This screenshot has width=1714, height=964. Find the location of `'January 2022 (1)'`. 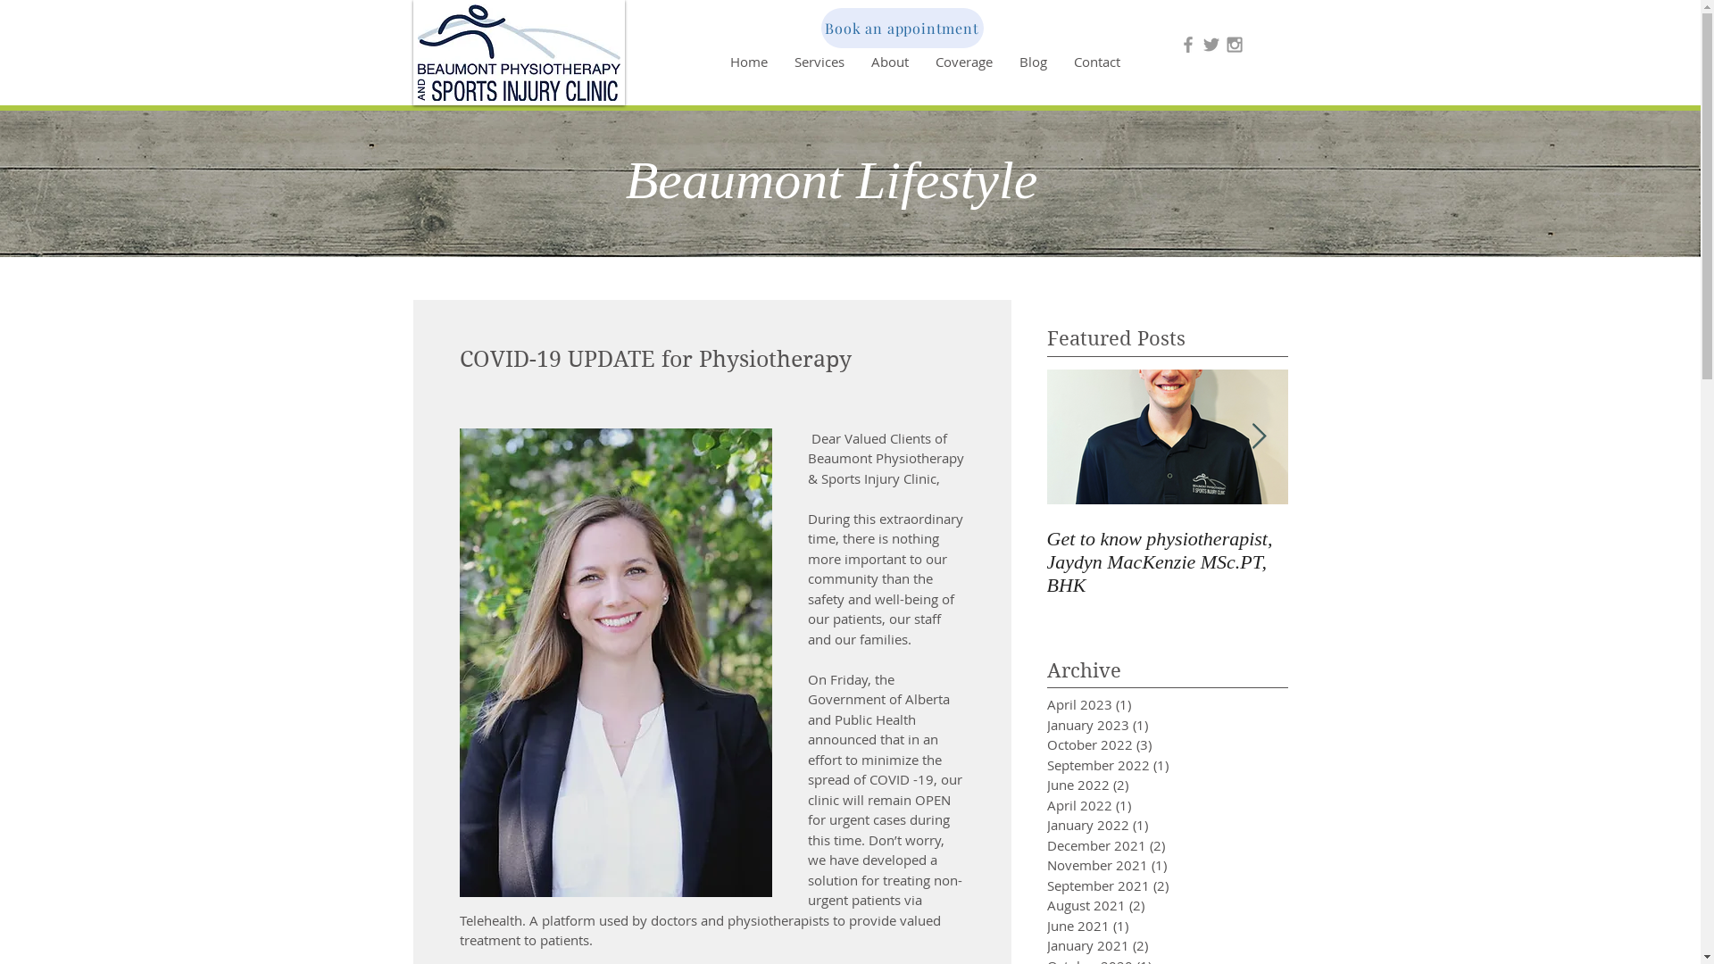

'January 2022 (1)' is located at coordinates (1138, 825).